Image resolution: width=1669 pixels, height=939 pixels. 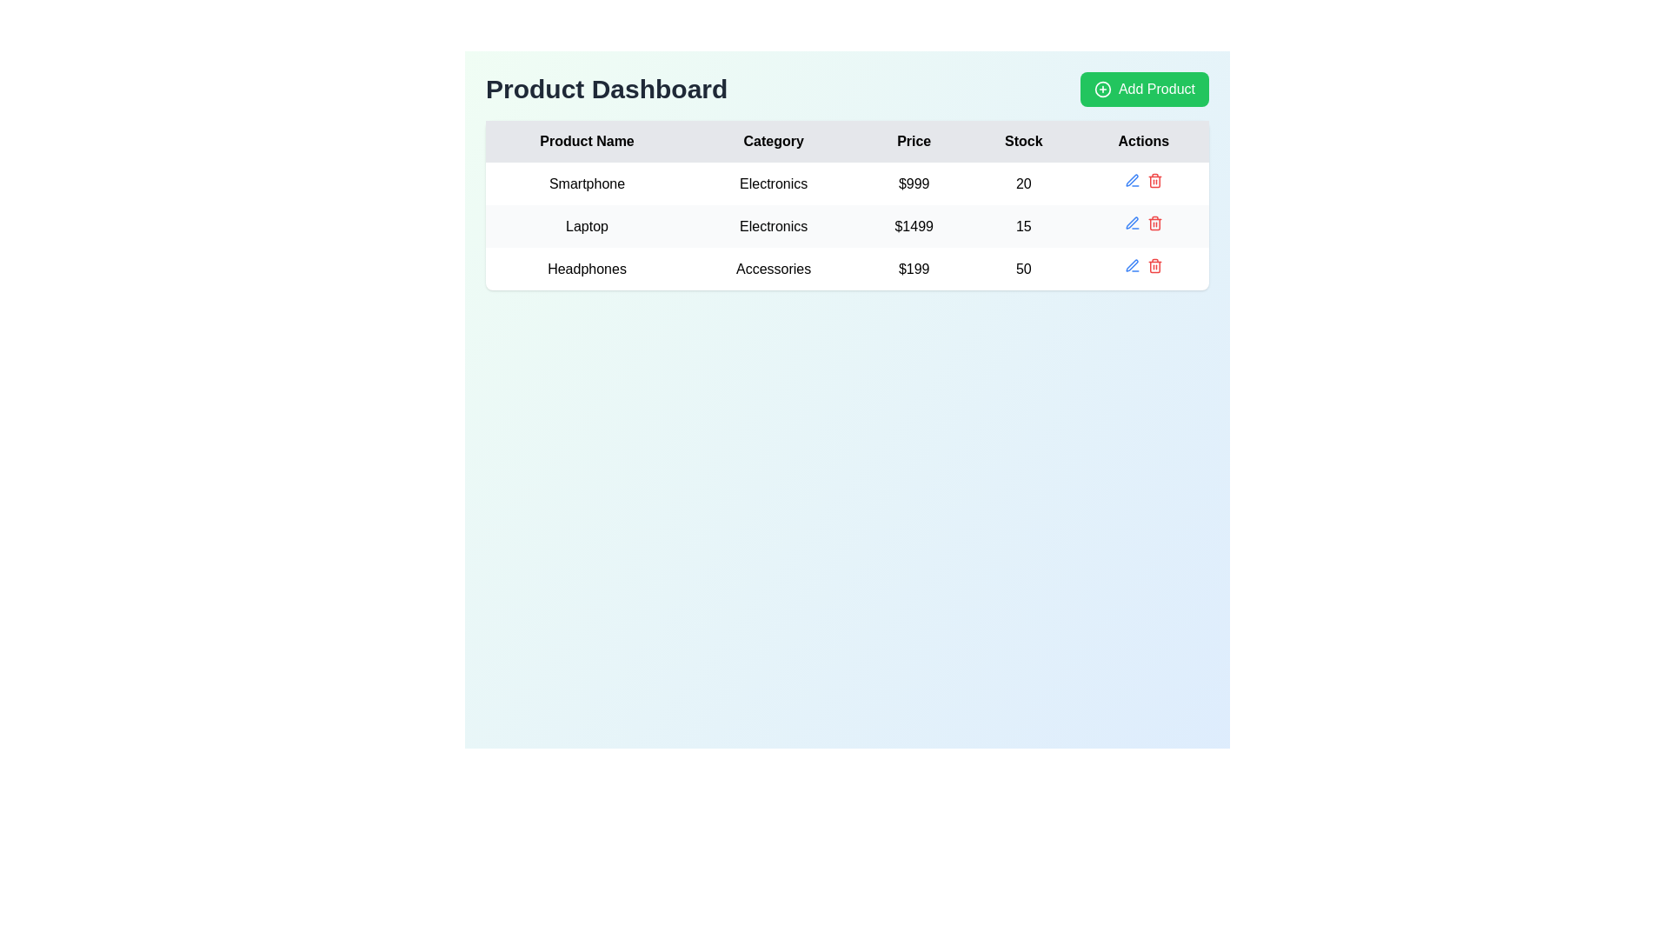 What do you see at coordinates (1132, 181) in the screenshot?
I see `the blue edit icon resembling a pen located in the 'Actions' column of the first row of the table to initiate the edit action for the 'Smartphone' product` at bounding box center [1132, 181].